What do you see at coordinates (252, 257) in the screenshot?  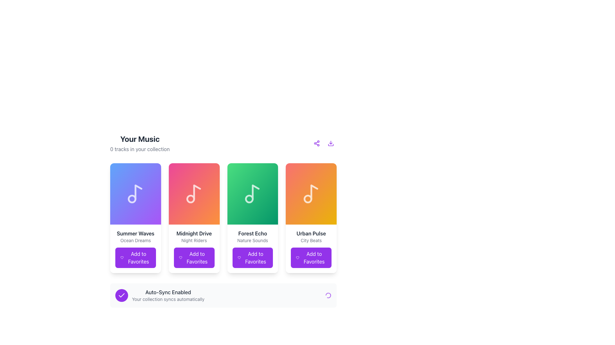 I see `the purple rectangular 'Add to Favorites' button with rounded corners located in the 'Forest Echo' card` at bounding box center [252, 257].